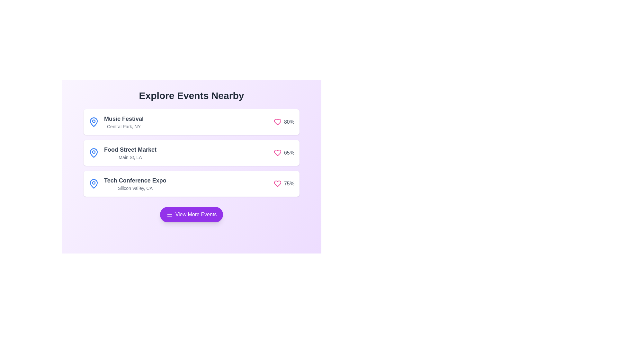 The image size is (617, 347). I want to click on the static text label displaying 'Food Street Market' which is styled with a bold font and grayish color, located in the second event box of a vertically stacked list, so click(130, 150).